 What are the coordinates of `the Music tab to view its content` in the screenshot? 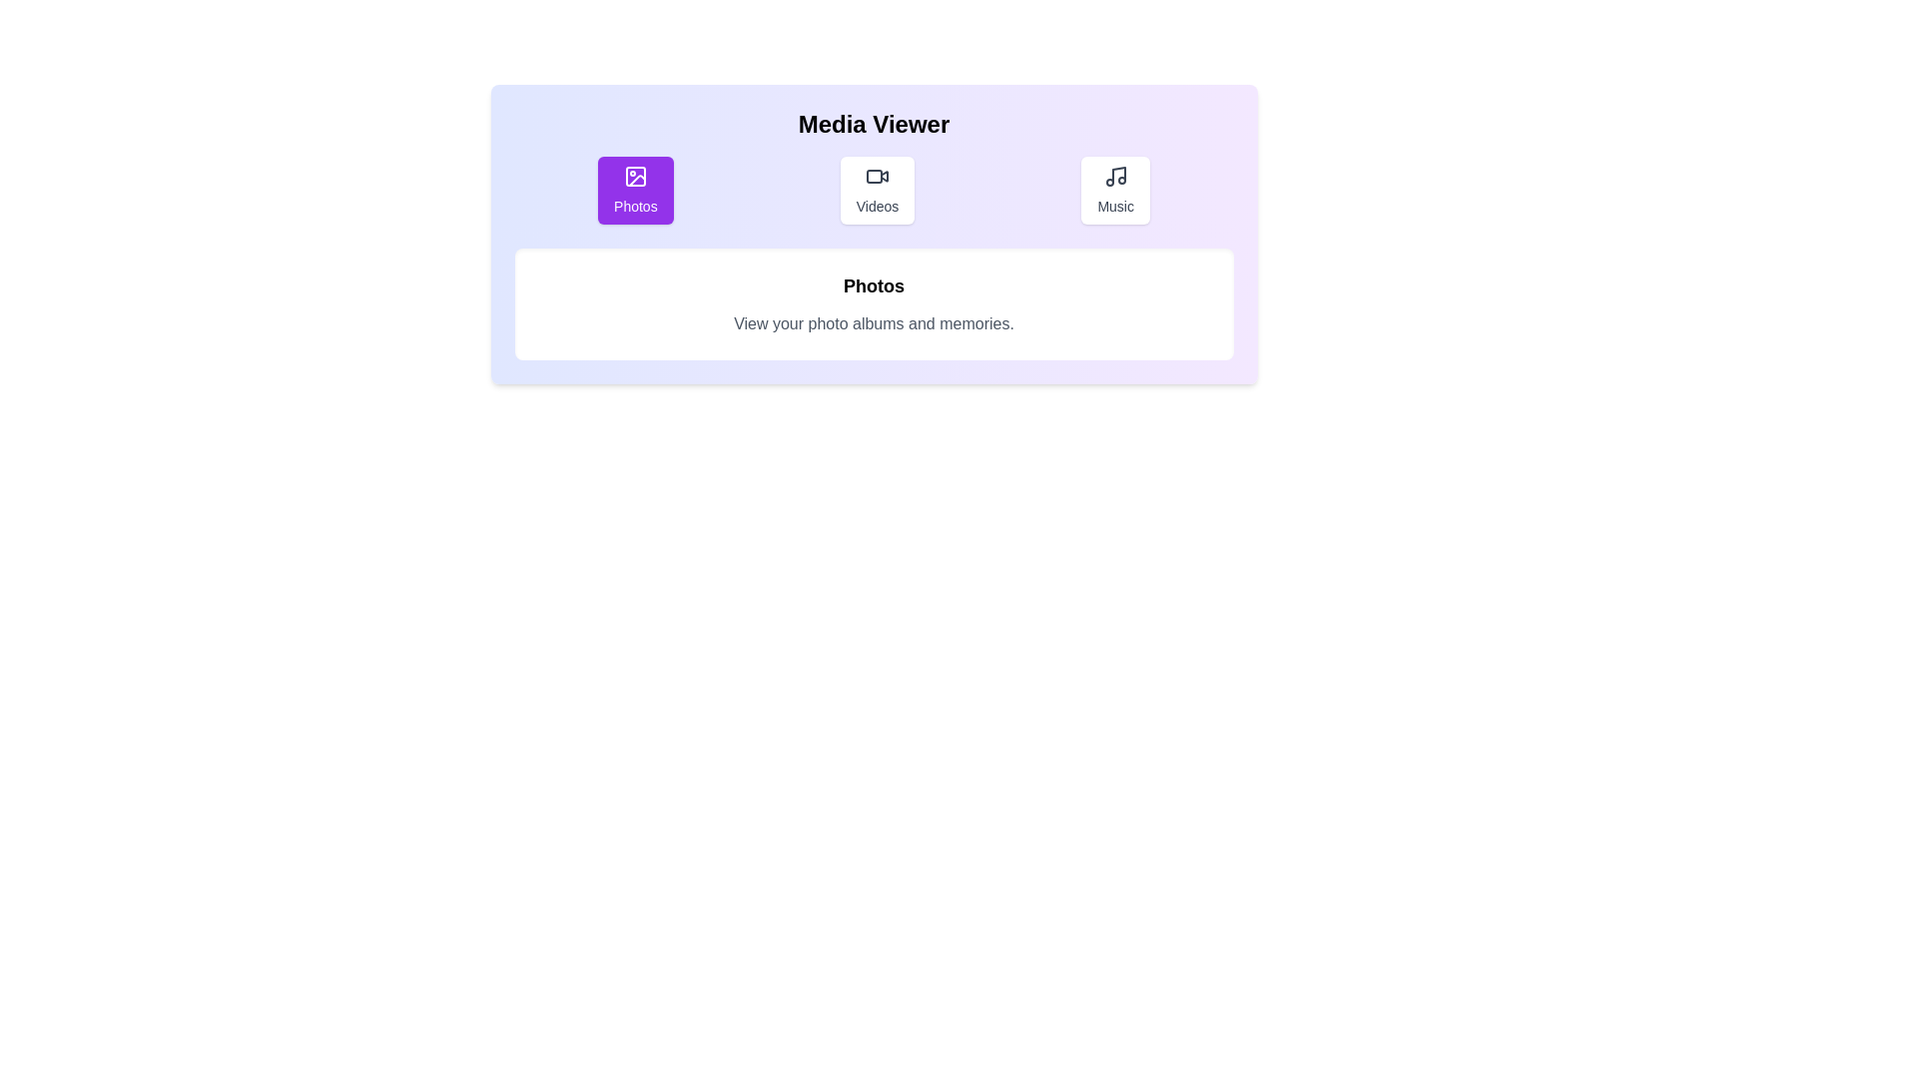 It's located at (1114, 191).